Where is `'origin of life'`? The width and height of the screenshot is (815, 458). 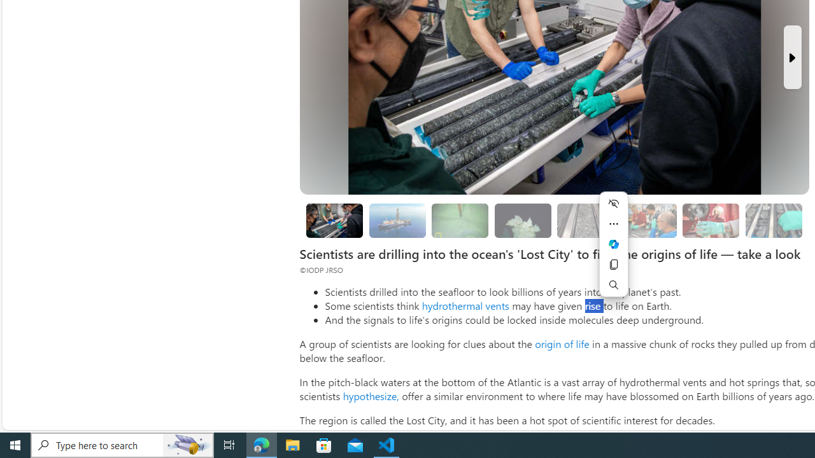 'origin of life' is located at coordinates (561, 343).